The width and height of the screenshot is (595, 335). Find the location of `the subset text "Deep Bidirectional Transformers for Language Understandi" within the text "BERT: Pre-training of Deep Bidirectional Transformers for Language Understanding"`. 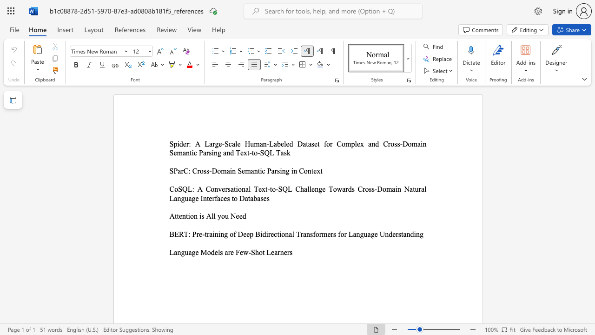

the subset text "Deep Bidirectional Transformers for Language Understandi" within the text "BERT: Pre-training of Deep Bidirectional Transformers for Language Understanding" is located at coordinates (238, 234).